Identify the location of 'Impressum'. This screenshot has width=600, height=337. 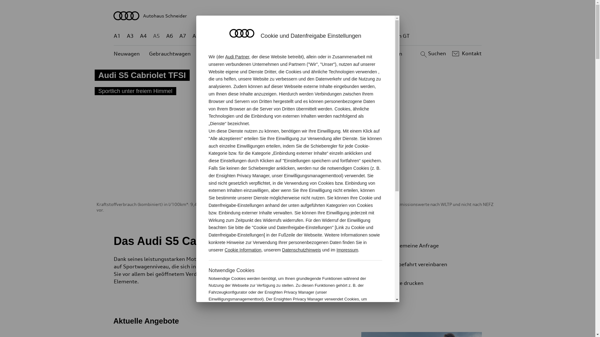
(347, 250).